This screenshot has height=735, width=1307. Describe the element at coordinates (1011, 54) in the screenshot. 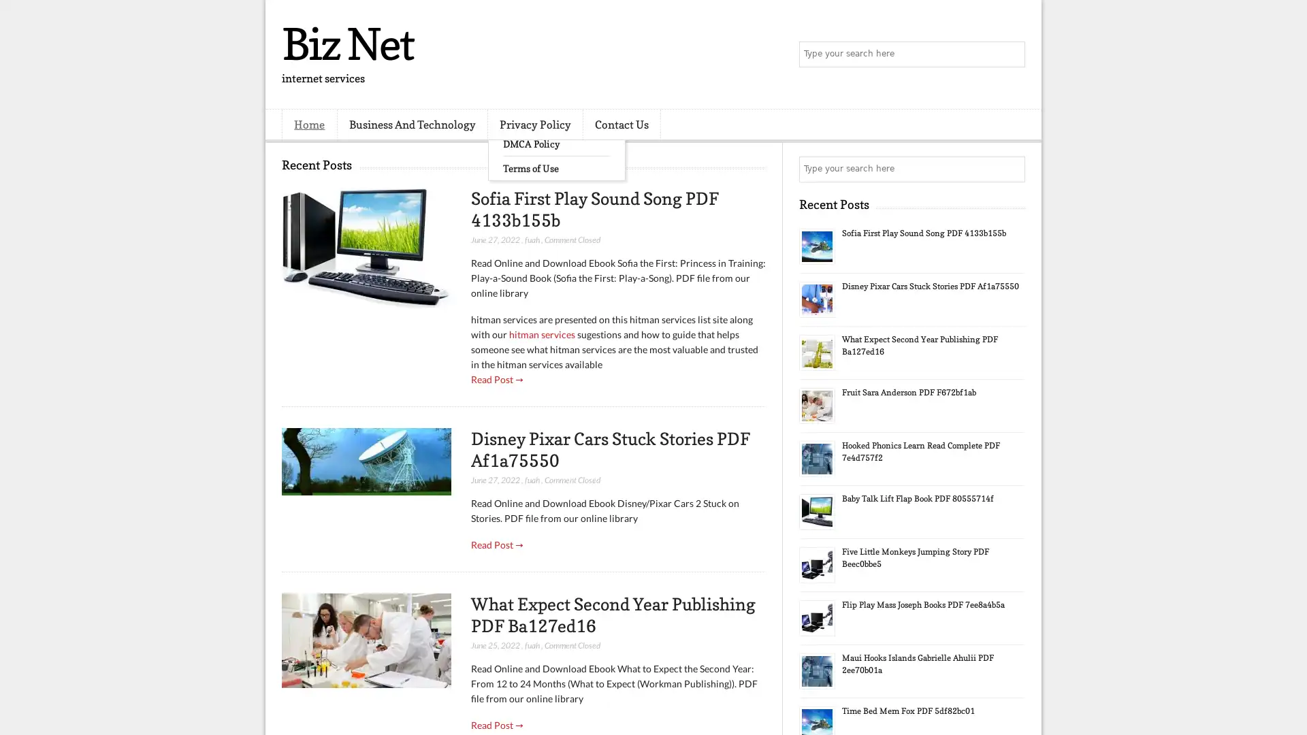

I see `Search` at that location.